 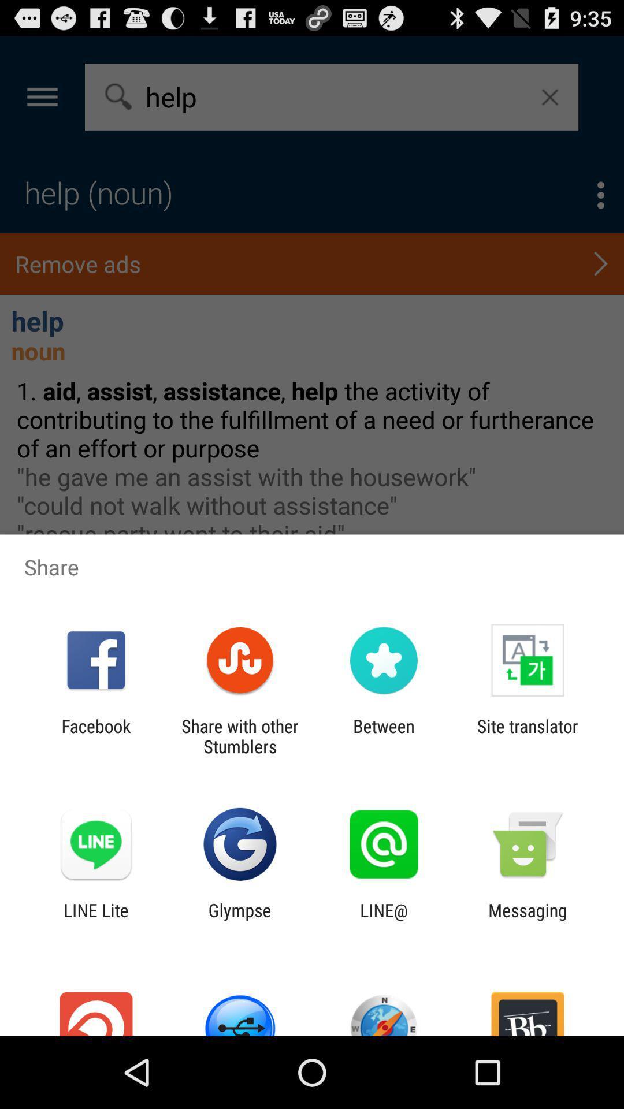 What do you see at coordinates (239, 920) in the screenshot?
I see `icon next to line lite item` at bounding box center [239, 920].